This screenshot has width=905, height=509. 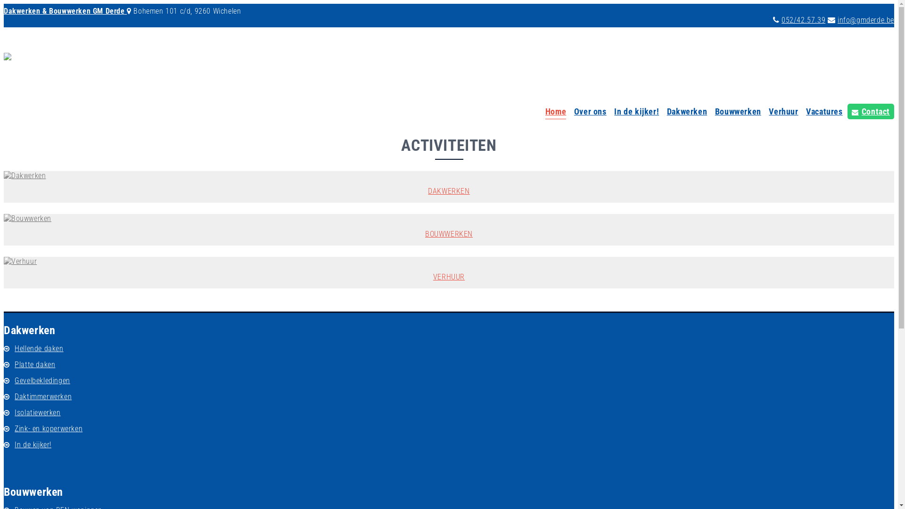 What do you see at coordinates (847, 111) in the screenshot?
I see `'Contact'` at bounding box center [847, 111].